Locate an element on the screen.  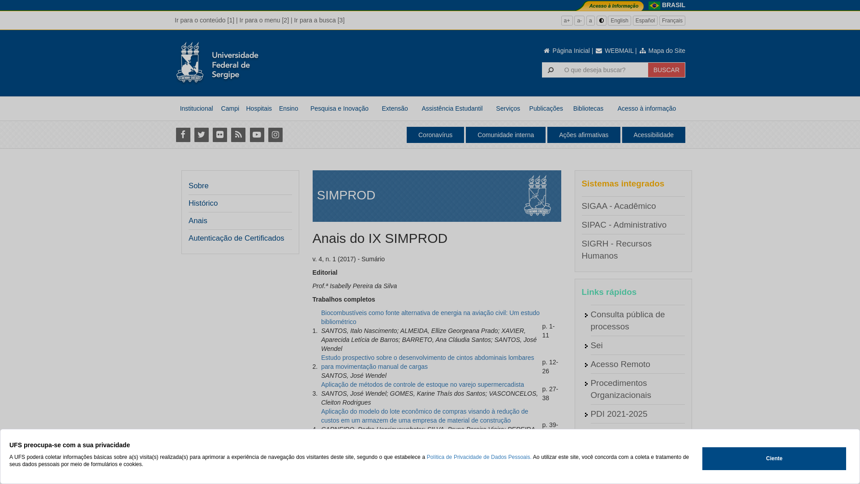
'Ensino' is located at coordinates (288, 108).